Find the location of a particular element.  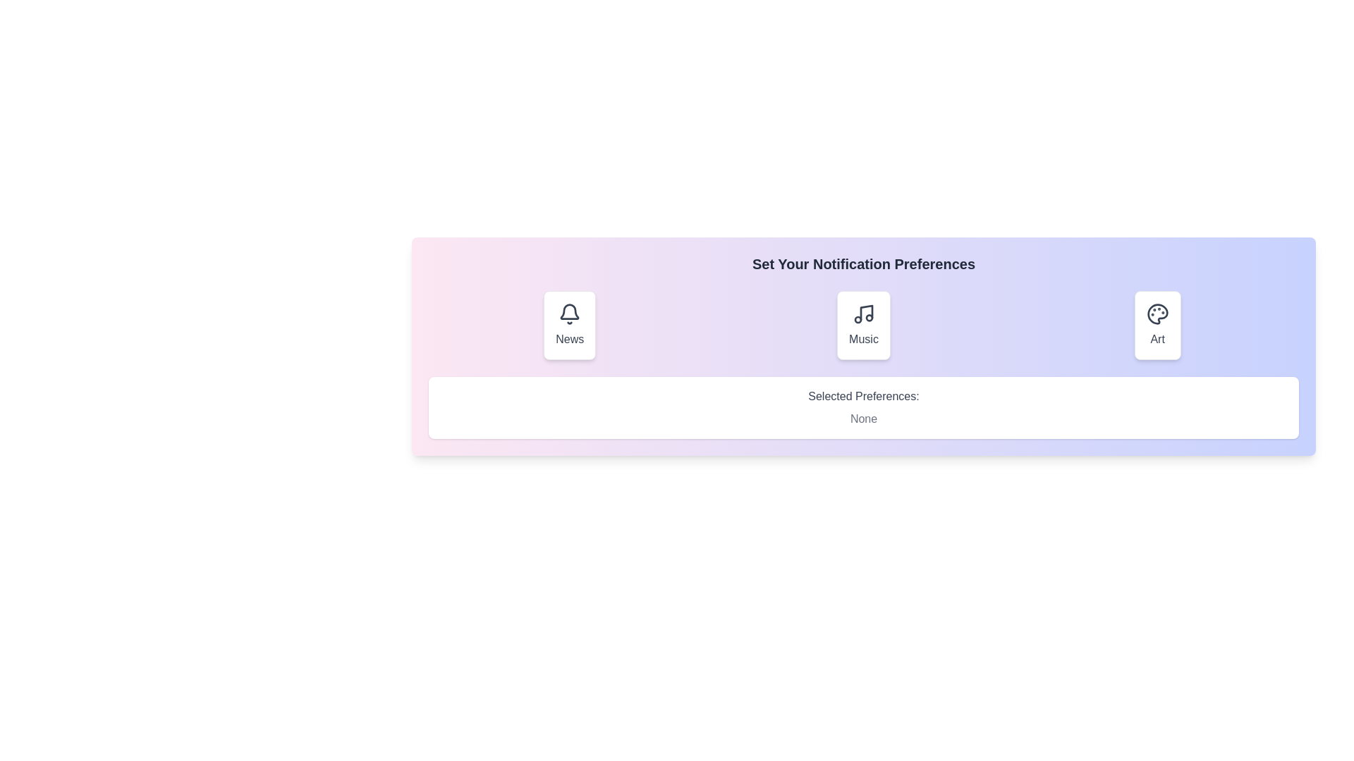

the middle card in the grid layout that has a white background, a musical note icon at the top, and the text 'Music' below it to observe the hover scaling effect is located at coordinates (862, 326).